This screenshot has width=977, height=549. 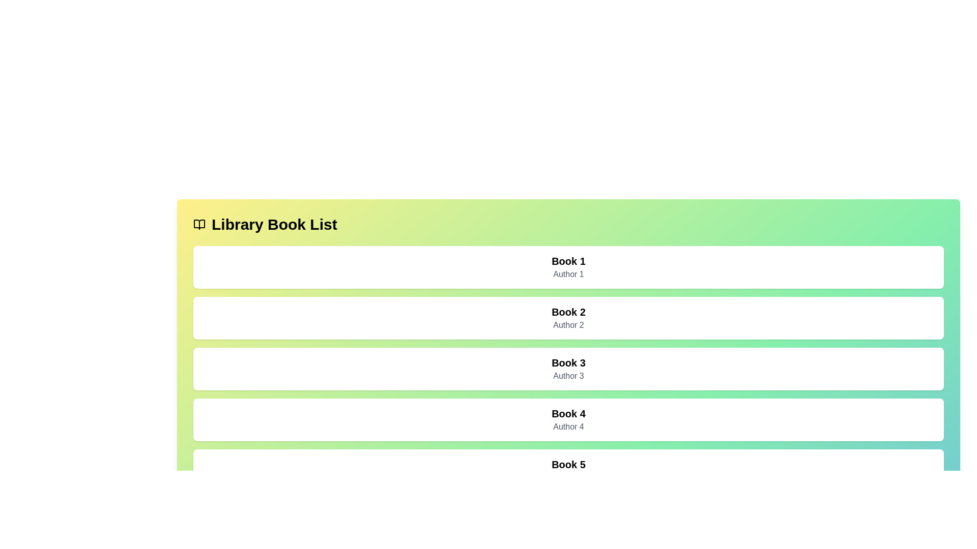 I want to click on the first informational card displaying the title and author of a book, which is located at the top of the vertical grid list of books, so click(x=568, y=266).